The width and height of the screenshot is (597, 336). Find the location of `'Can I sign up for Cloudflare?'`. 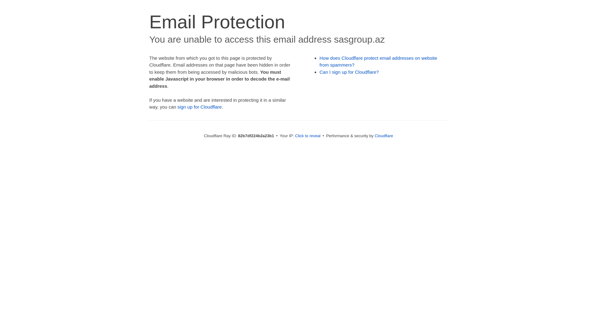

'Can I sign up for Cloudflare?' is located at coordinates (349, 72).